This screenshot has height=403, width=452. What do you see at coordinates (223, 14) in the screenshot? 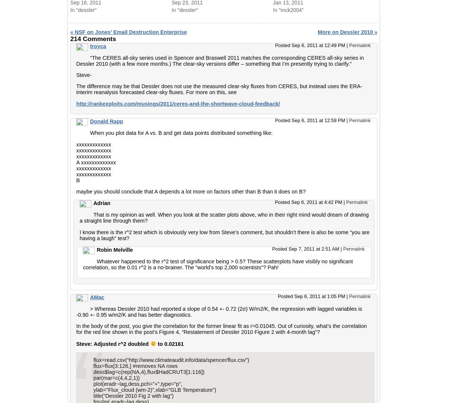
I see `'and tagged'` at bounding box center [223, 14].